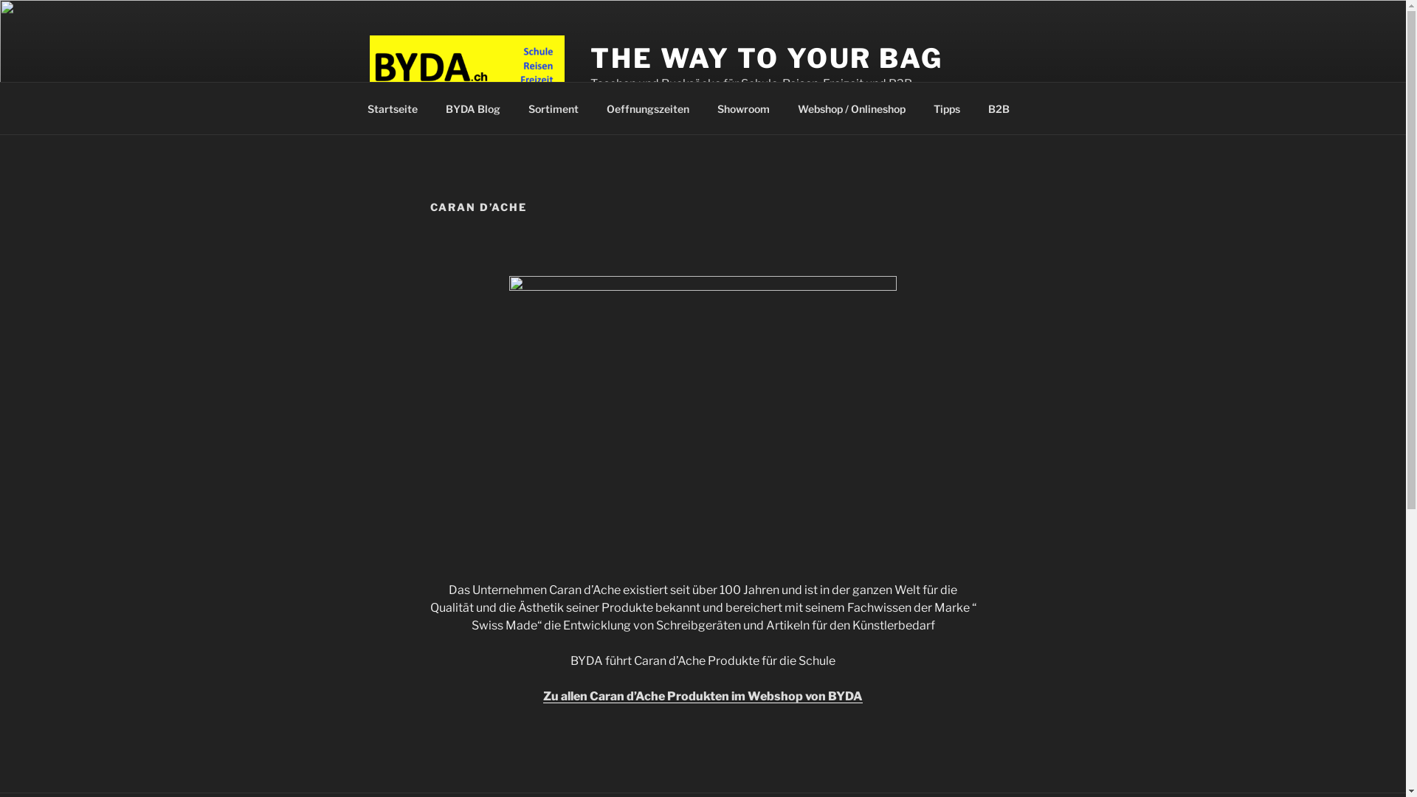 Image resolution: width=1417 pixels, height=797 pixels. What do you see at coordinates (947, 107) in the screenshot?
I see `'Tipps'` at bounding box center [947, 107].